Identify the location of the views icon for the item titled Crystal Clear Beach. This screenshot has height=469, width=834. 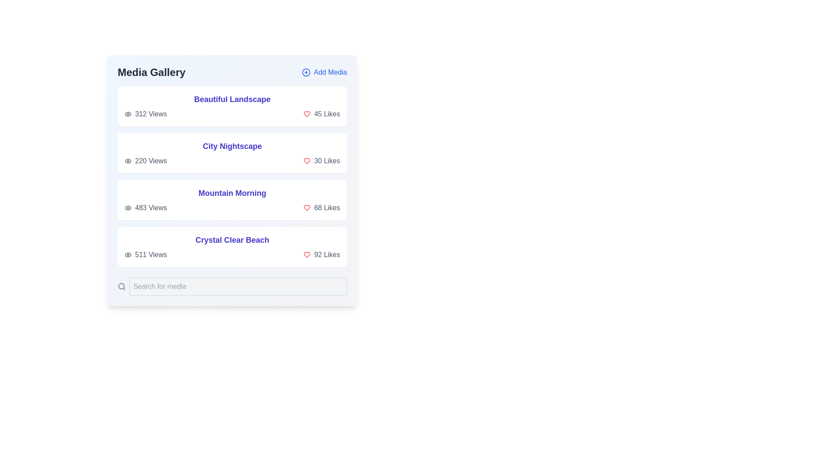
(127, 254).